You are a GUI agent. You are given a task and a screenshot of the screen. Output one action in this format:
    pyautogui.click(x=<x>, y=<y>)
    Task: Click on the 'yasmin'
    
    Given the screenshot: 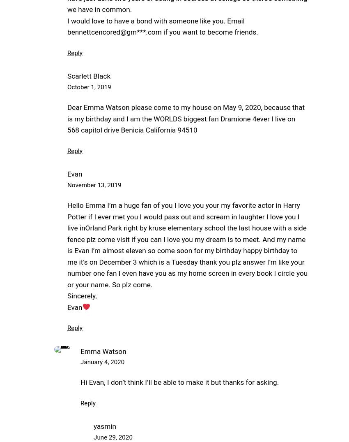 What is the action you would take?
    pyautogui.click(x=93, y=426)
    